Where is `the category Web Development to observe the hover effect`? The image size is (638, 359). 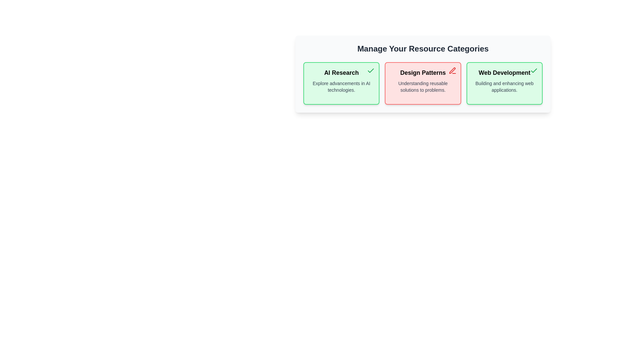 the category Web Development to observe the hover effect is located at coordinates (504, 83).